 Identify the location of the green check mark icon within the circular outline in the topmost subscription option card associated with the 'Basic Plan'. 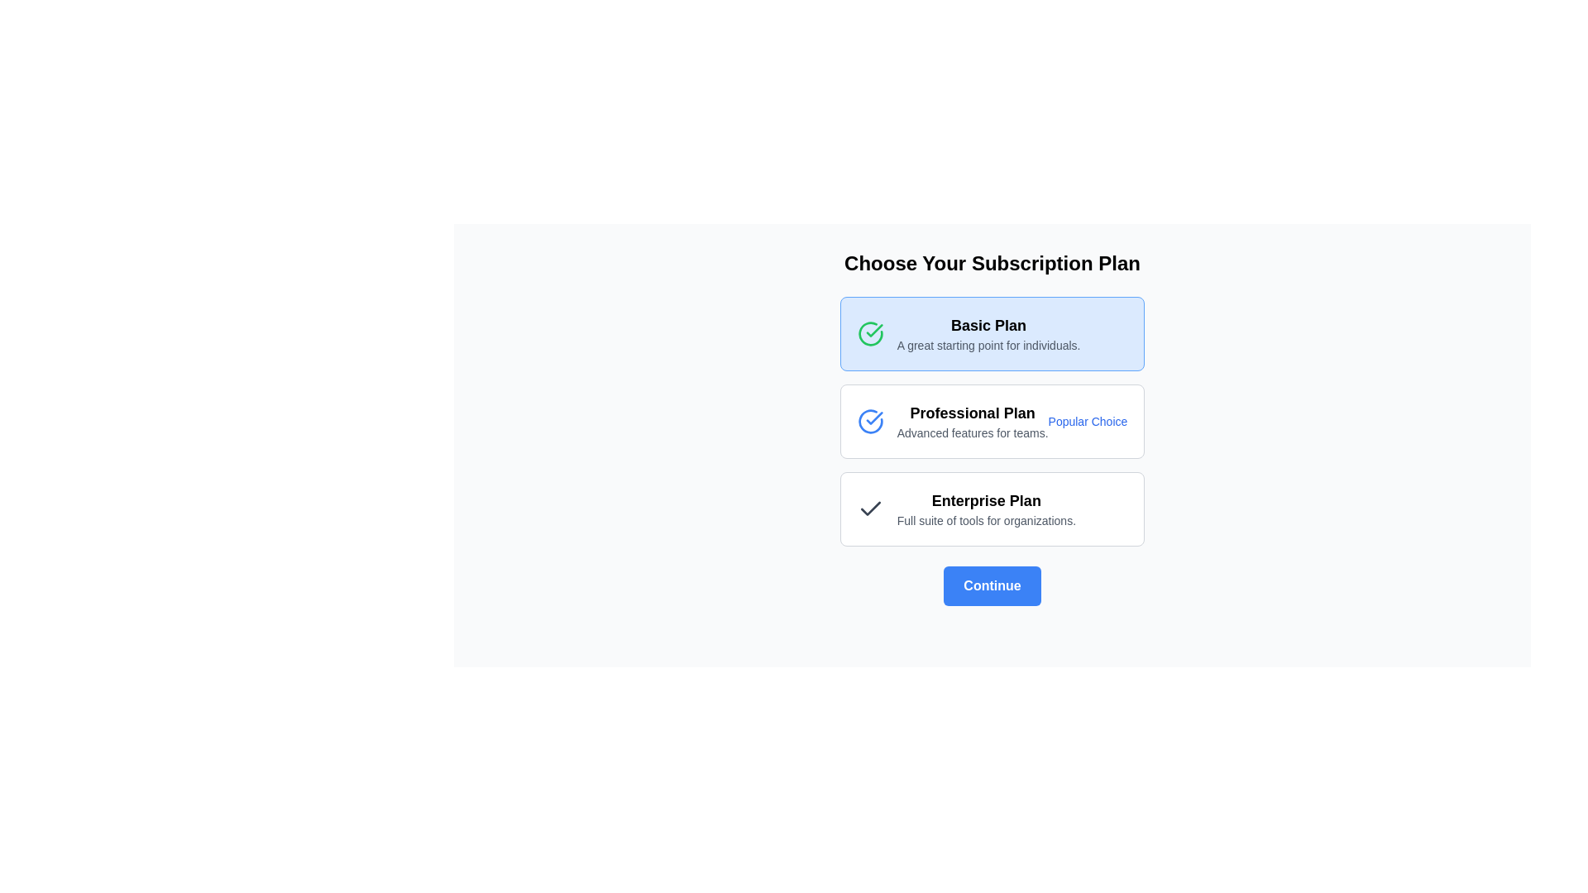
(873, 331).